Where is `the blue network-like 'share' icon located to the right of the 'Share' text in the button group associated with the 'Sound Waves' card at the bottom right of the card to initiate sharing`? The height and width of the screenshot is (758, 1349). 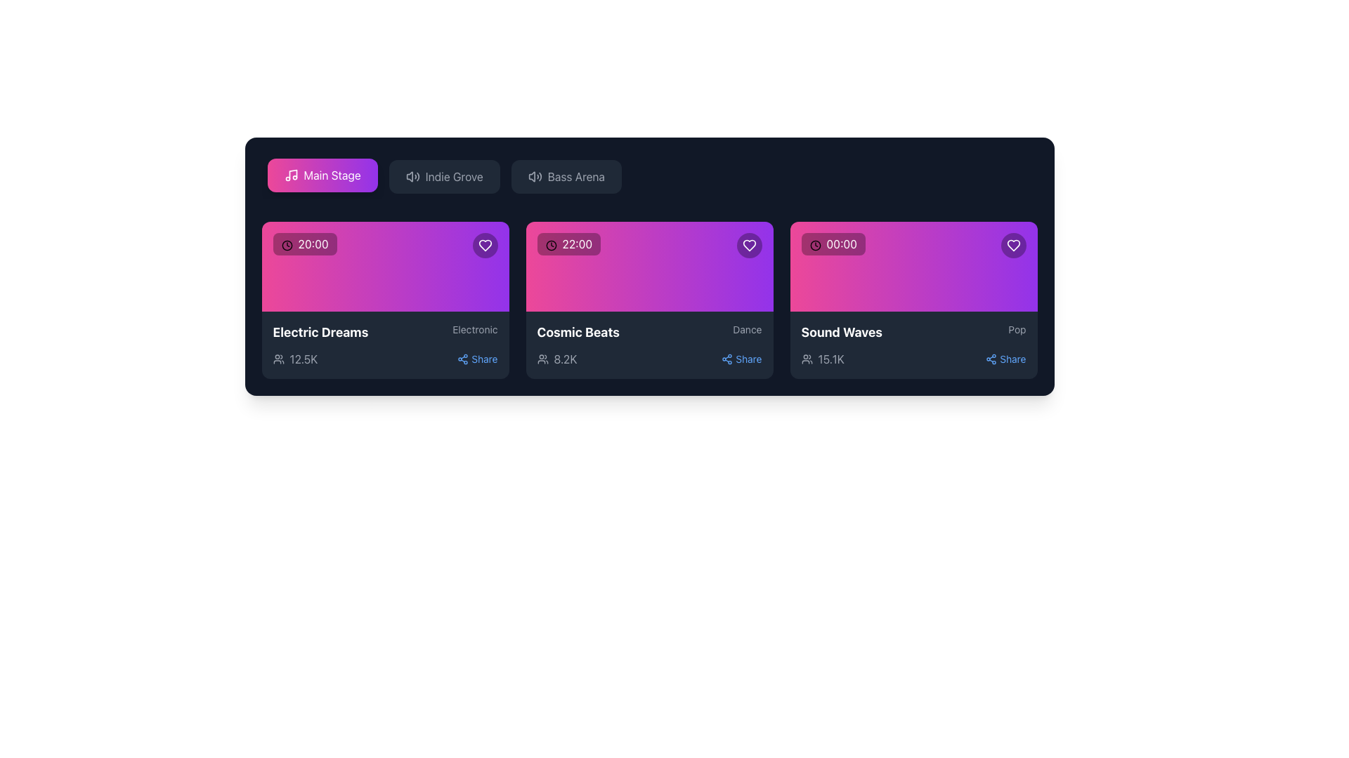
the blue network-like 'share' icon located to the right of the 'Share' text in the button group associated with the 'Sound Waves' card at the bottom right of the card to initiate sharing is located at coordinates (727, 359).